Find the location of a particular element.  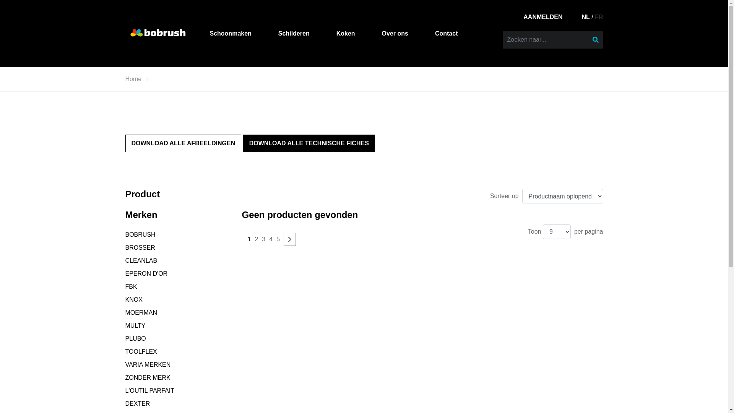

'BROSSER' is located at coordinates (140, 248).